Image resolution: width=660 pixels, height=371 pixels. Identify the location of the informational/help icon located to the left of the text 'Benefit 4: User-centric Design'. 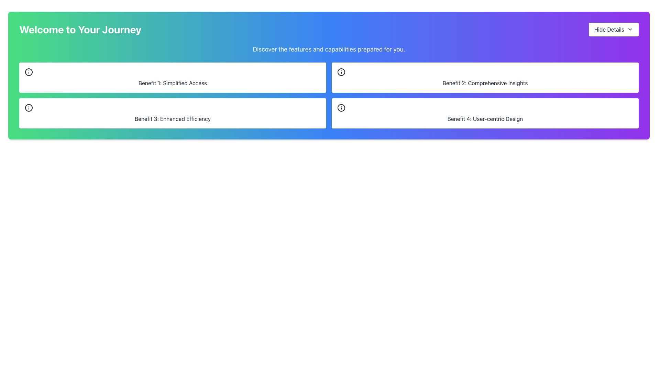
(341, 108).